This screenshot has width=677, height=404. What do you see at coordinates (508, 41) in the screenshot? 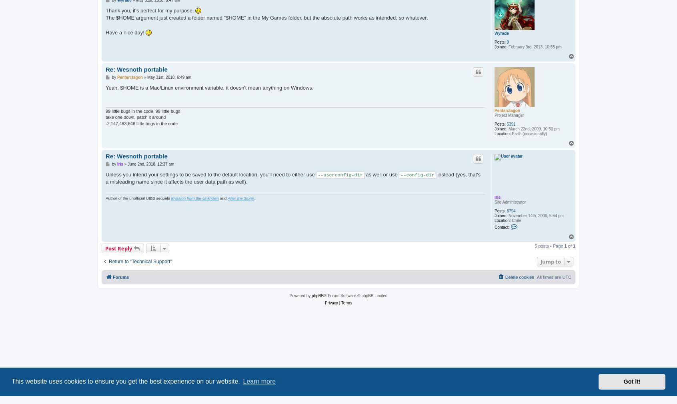
I see `'9'` at bounding box center [508, 41].